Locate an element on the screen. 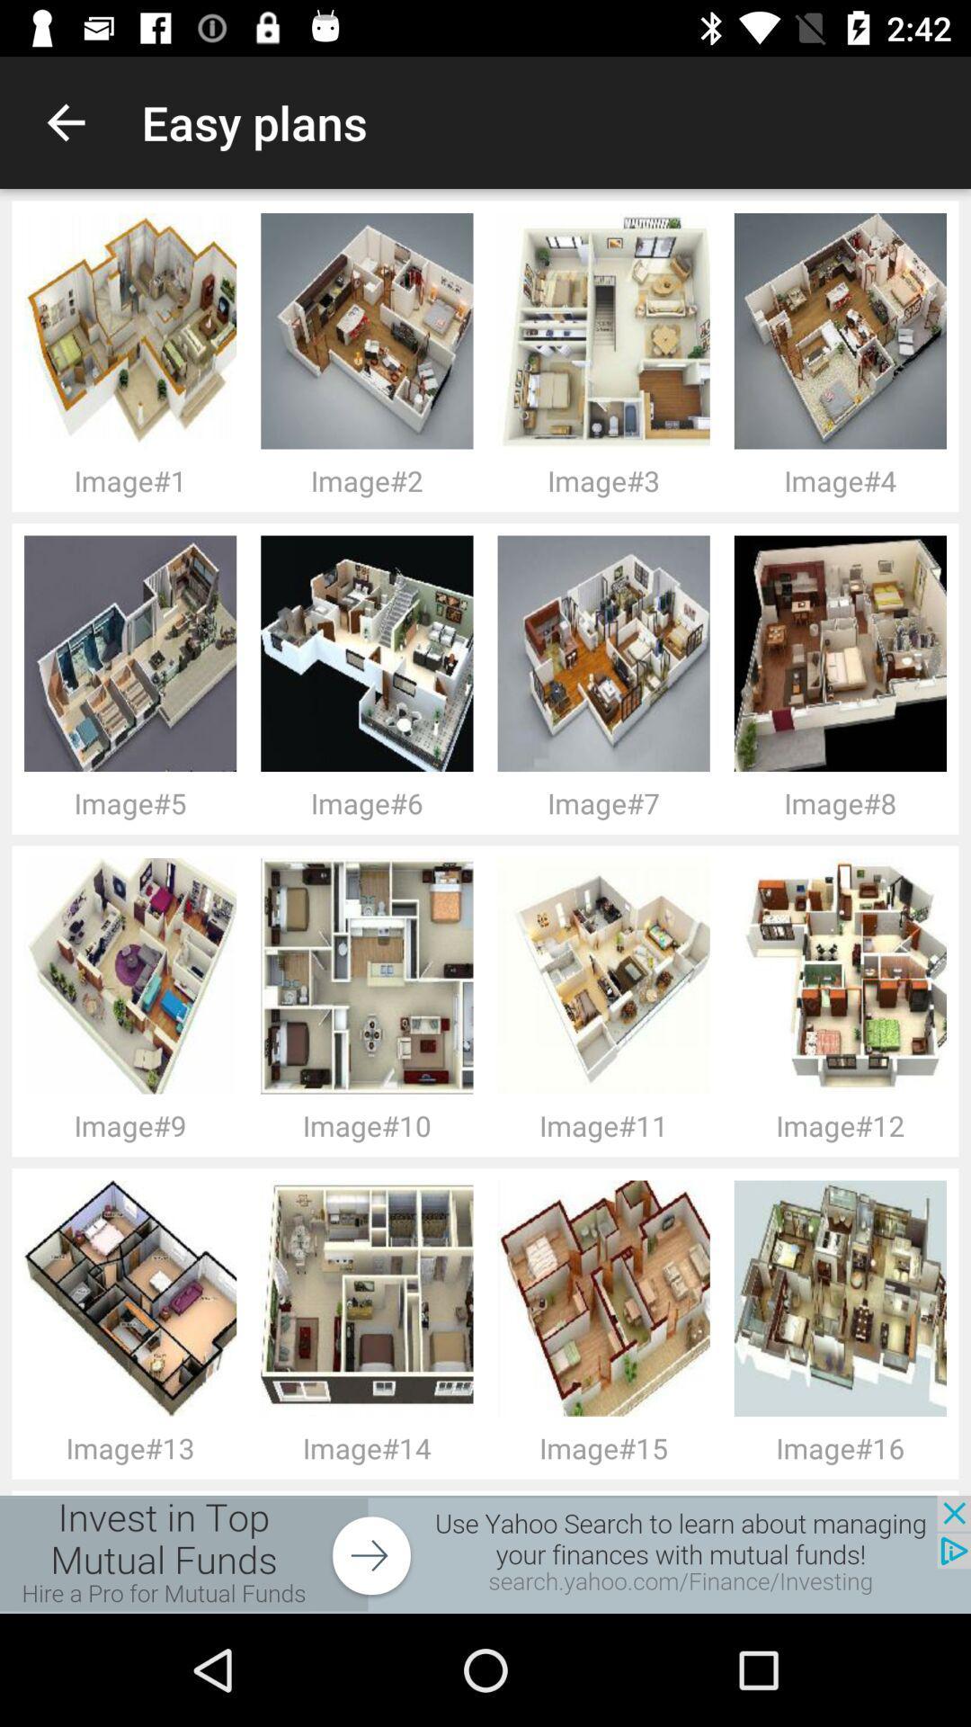 This screenshot has width=971, height=1727. the fourth image from left in second row is located at coordinates (846, 652).